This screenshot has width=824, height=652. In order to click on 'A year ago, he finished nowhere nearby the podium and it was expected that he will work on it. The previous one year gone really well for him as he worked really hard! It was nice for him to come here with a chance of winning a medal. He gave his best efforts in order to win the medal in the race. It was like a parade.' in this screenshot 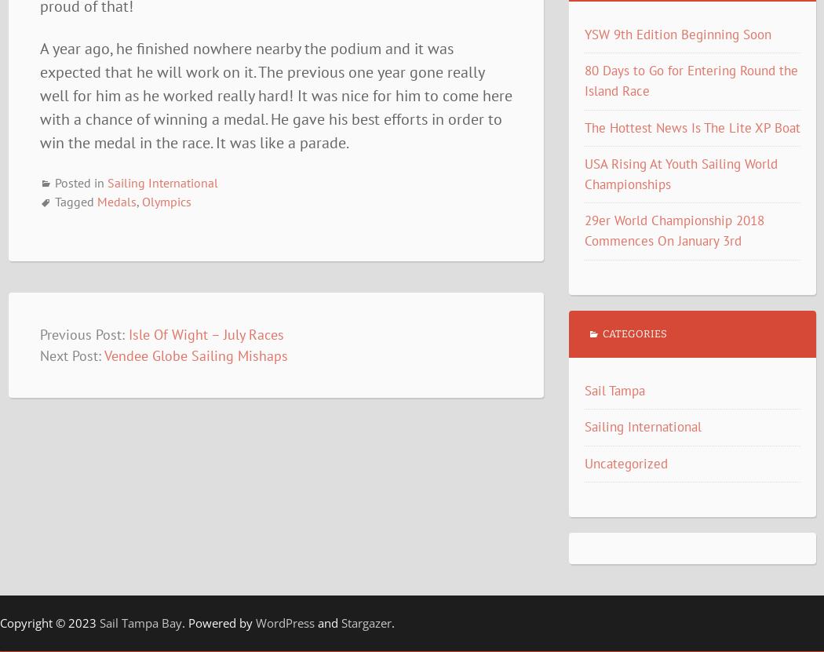, I will do `click(38, 95)`.